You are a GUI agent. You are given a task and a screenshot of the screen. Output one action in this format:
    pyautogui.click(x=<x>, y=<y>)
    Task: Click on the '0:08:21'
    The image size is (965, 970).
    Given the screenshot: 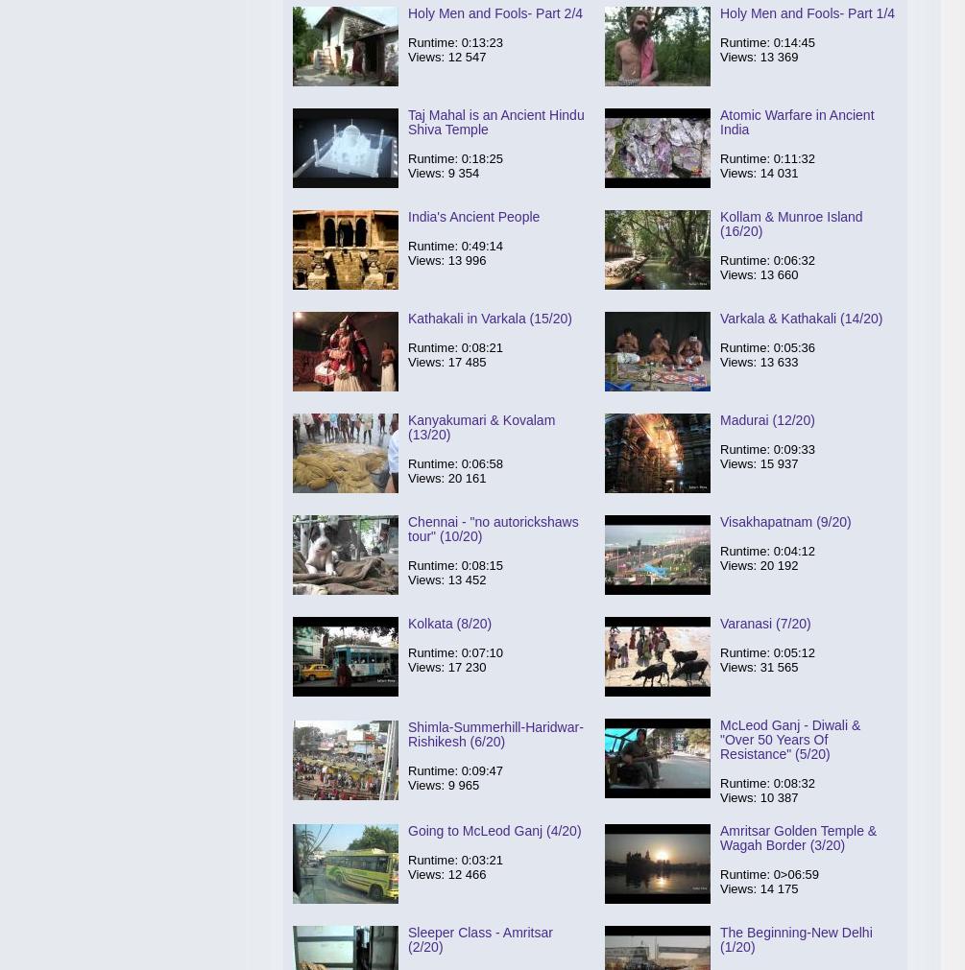 What is the action you would take?
    pyautogui.click(x=481, y=346)
    